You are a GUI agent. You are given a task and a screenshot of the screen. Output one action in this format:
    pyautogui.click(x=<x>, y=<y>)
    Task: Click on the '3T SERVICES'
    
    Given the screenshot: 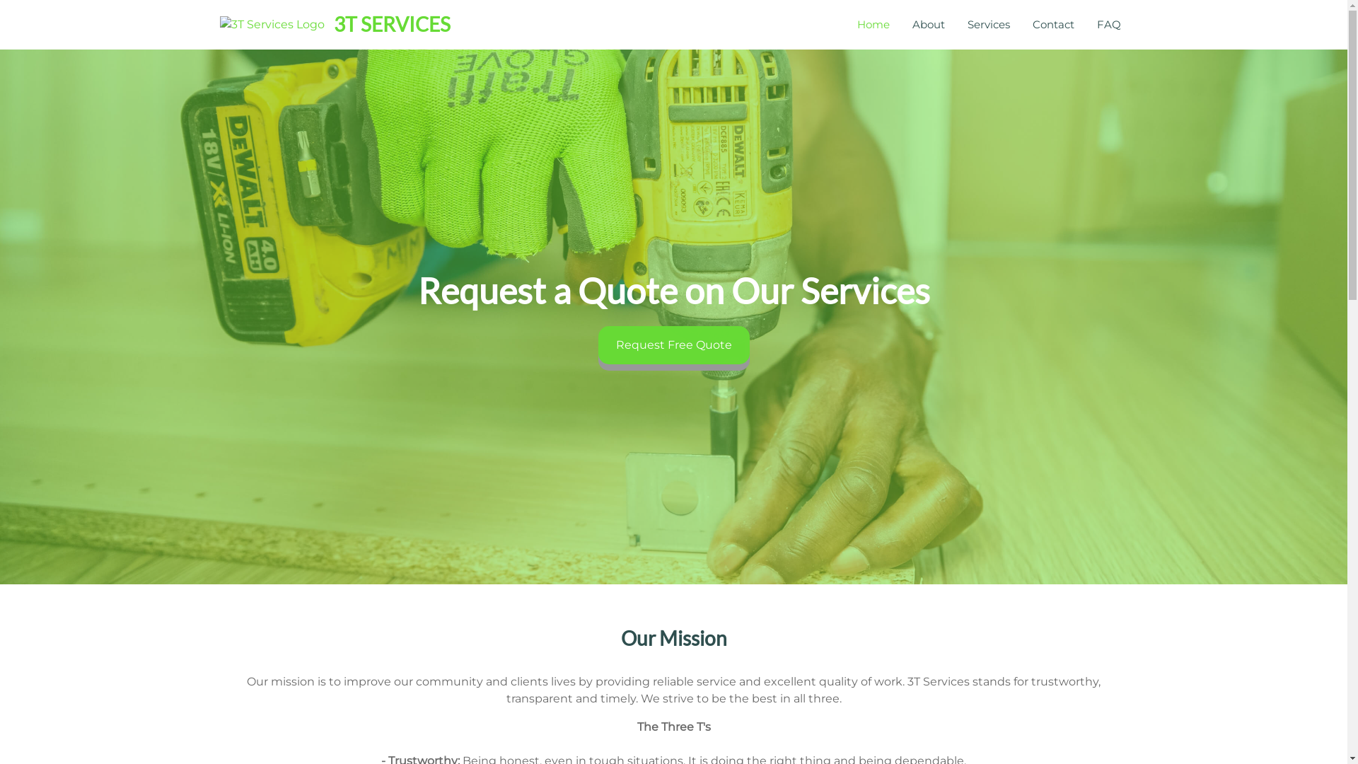 What is the action you would take?
    pyautogui.click(x=392, y=24)
    